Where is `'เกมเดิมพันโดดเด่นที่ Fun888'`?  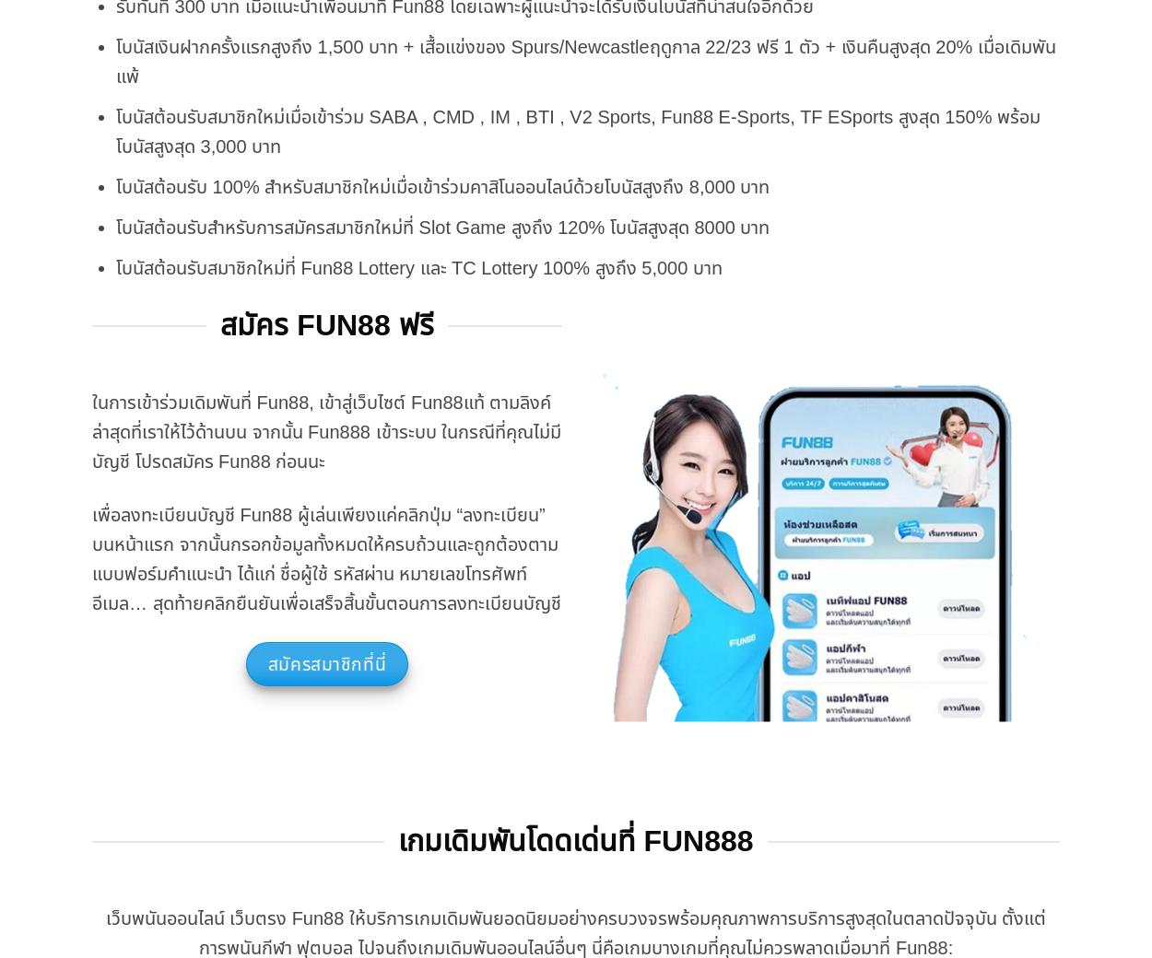 'เกมเดิมพันโดดเด่นที่ Fun888' is located at coordinates (574, 839).